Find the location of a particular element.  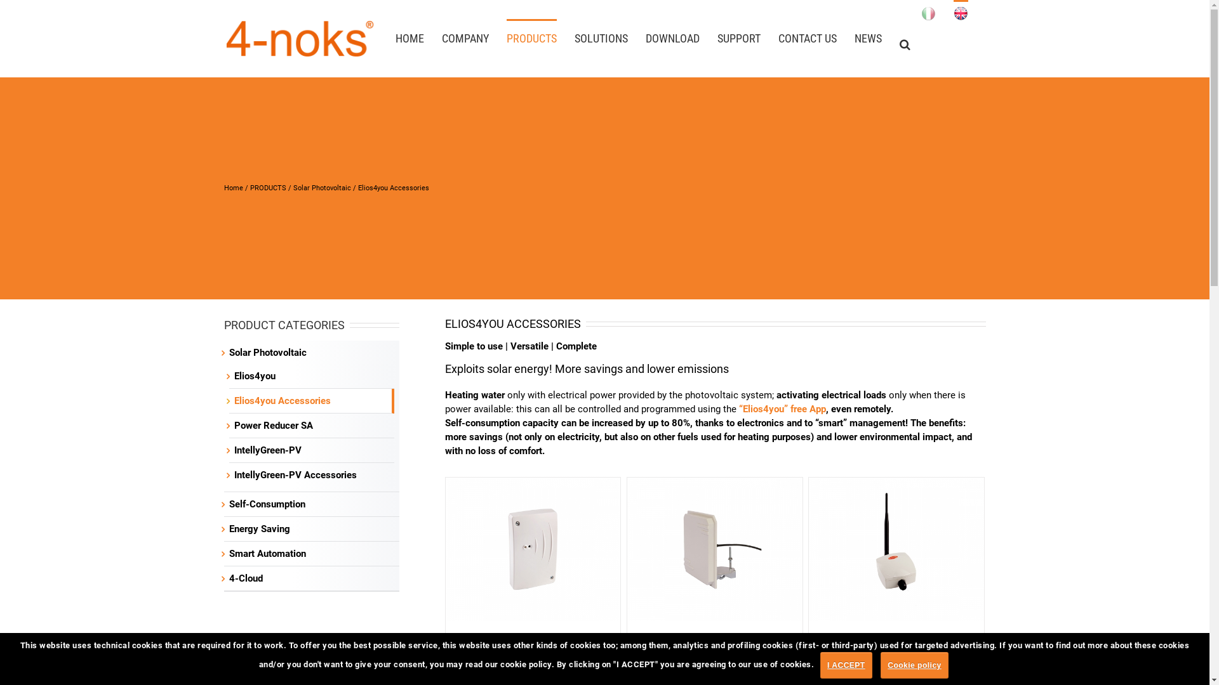

'COMPANY' is located at coordinates (465, 36).